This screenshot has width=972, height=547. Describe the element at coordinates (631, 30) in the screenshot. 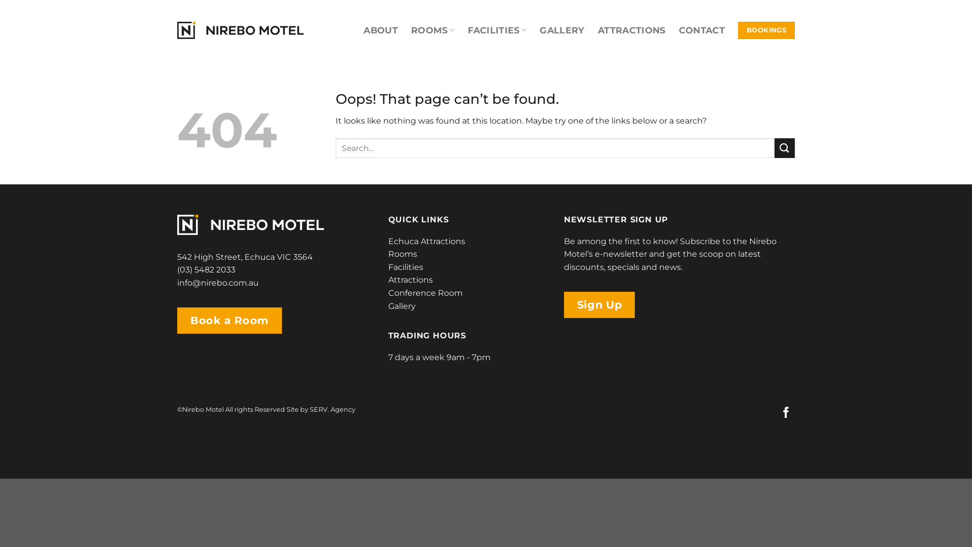

I see `'ATTRACTIONS'` at that location.